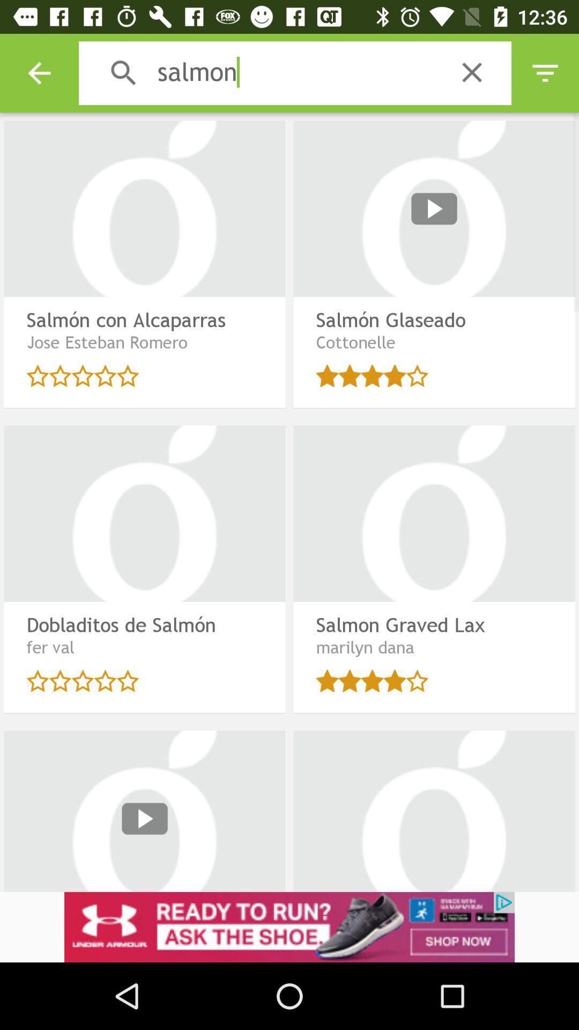 Image resolution: width=579 pixels, height=1030 pixels. What do you see at coordinates (289, 926) in the screenshot?
I see `advertisement area` at bounding box center [289, 926].